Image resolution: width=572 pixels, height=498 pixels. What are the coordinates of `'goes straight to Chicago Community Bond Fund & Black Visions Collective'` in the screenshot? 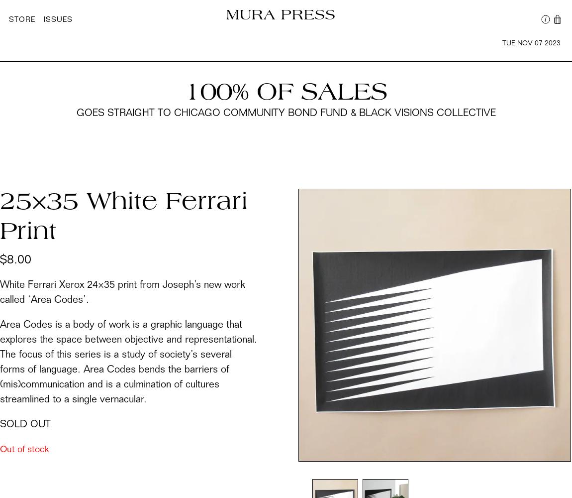 It's located at (75, 113).